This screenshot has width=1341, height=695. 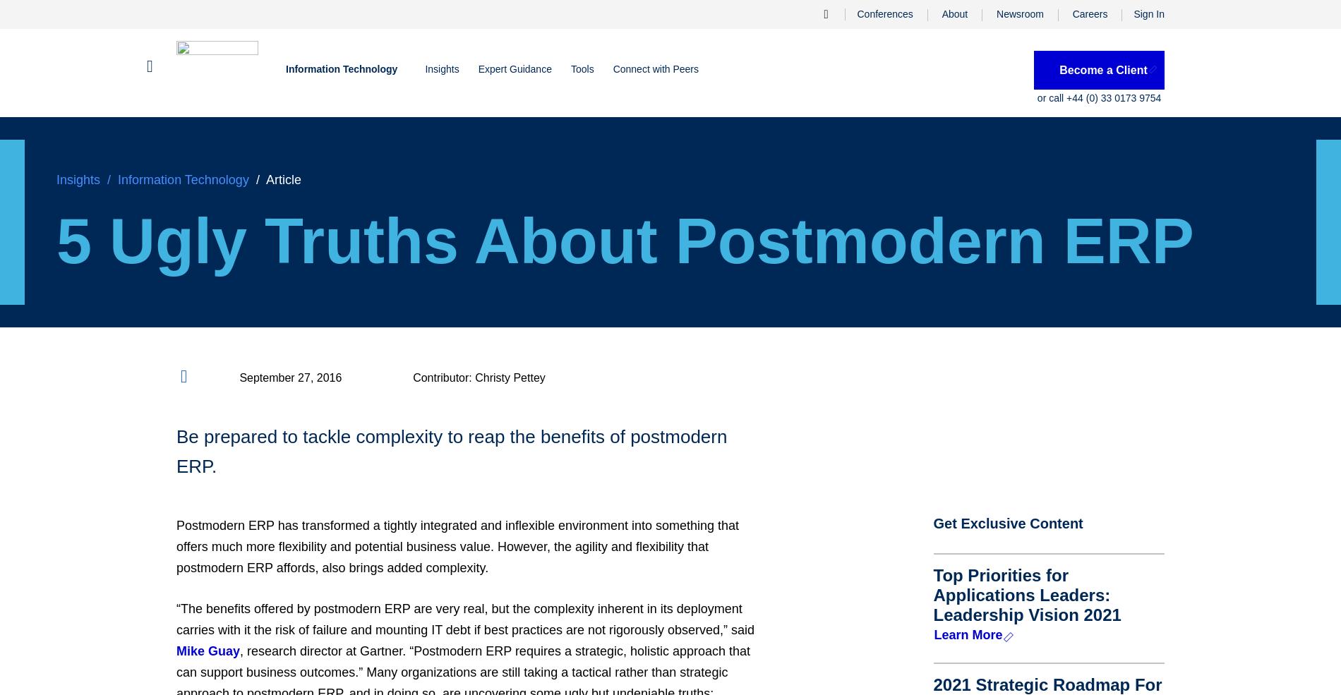 I want to click on 'Learn More', so click(x=967, y=634).